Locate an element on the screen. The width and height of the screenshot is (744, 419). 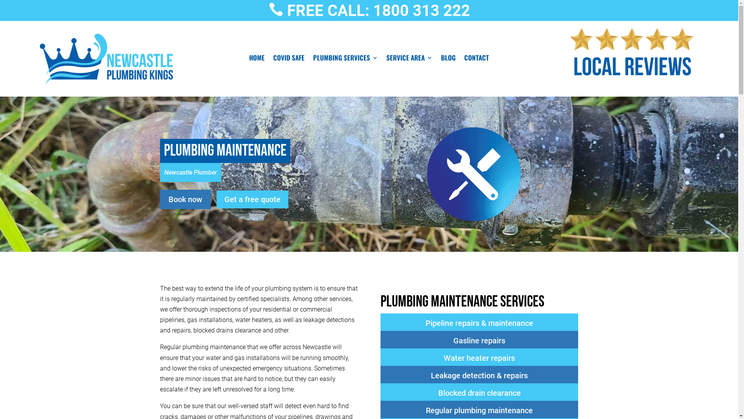
'HOME' is located at coordinates (249, 59).